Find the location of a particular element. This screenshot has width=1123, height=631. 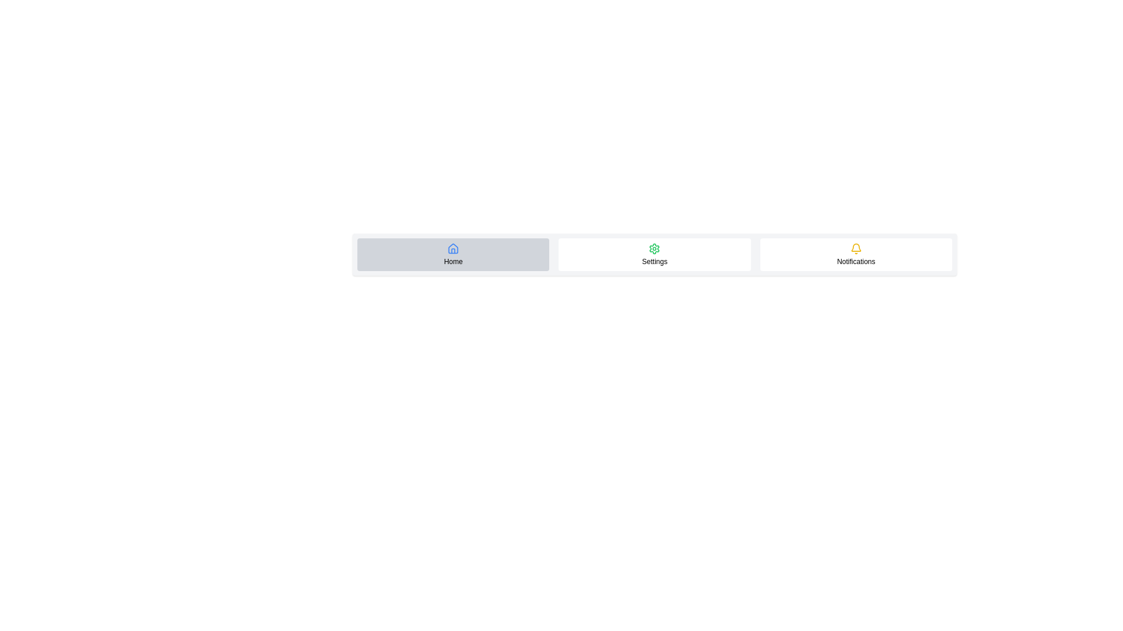

the yellow bell icon located above the 'Notifications' label in the horizontal menu bar is located at coordinates (856, 248).